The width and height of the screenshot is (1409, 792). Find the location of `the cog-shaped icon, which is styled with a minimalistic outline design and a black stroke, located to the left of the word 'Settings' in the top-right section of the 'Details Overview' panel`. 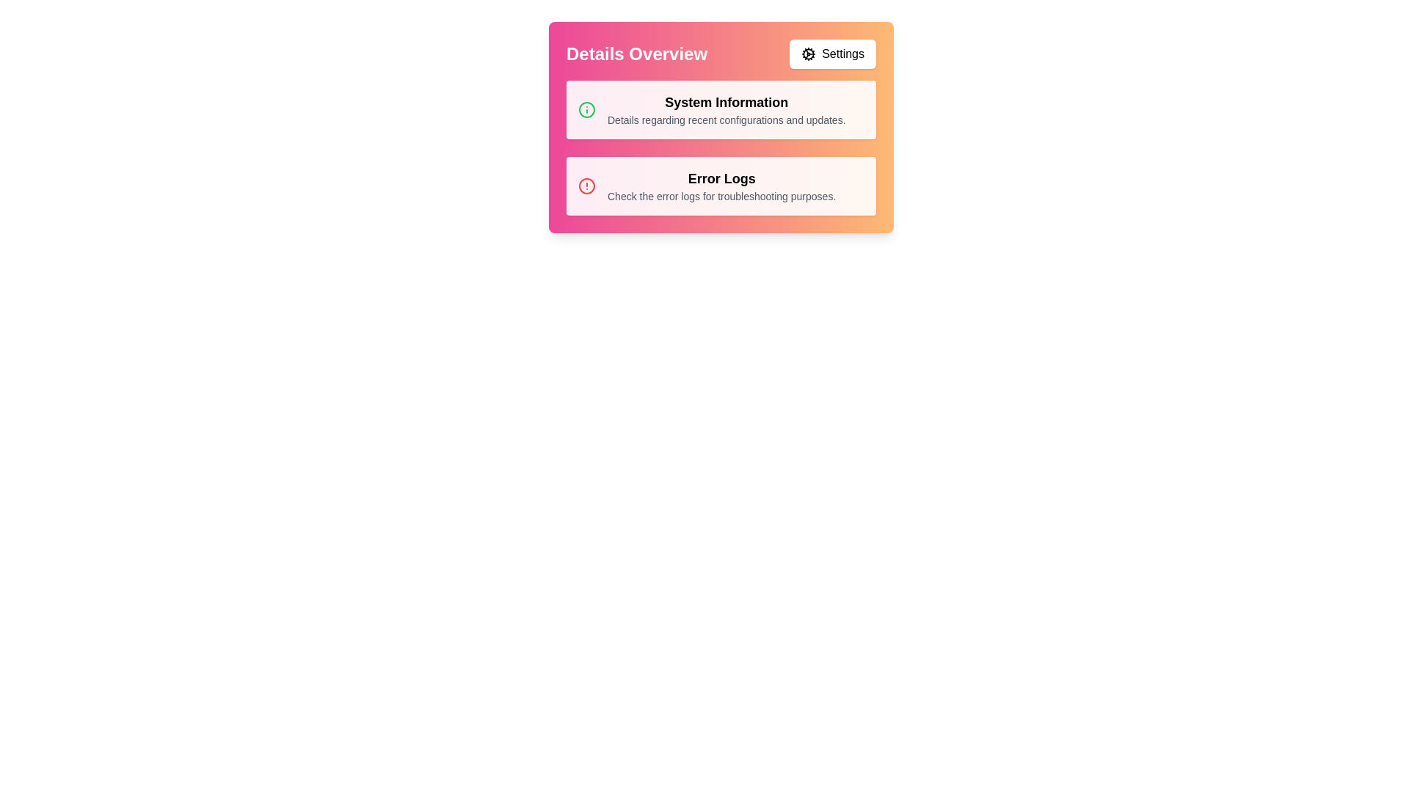

the cog-shaped icon, which is styled with a minimalistic outline design and a black stroke, located to the left of the word 'Settings' in the top-right section of the 'Details Overview' panel is located at coordinates (808, 53).